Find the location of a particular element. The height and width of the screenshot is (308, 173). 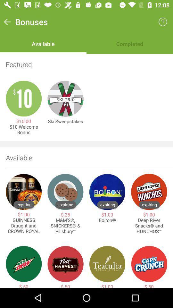

the icon below the $1.00 is located at coordinates (107, 220).